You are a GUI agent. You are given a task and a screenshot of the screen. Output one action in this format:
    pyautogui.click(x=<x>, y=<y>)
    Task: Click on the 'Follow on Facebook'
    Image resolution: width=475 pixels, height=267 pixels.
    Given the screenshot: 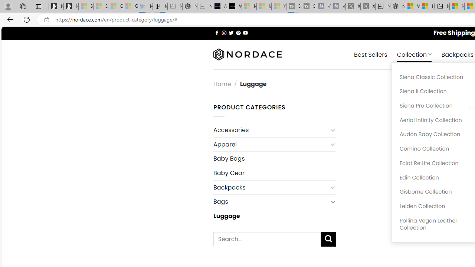 What is the action you would take?
    pyautogui.click(x=216, y=32)
    